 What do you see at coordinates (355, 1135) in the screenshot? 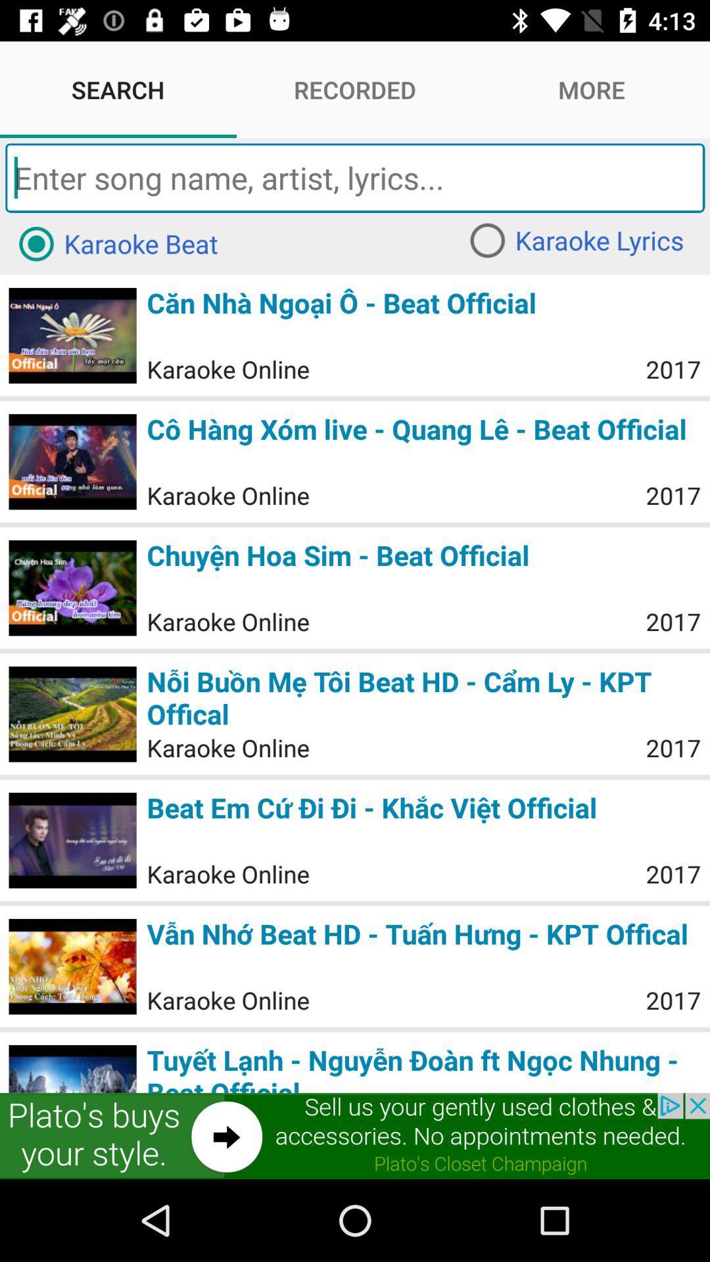
I see `the adversitement` at bounding box center [355, 1135].